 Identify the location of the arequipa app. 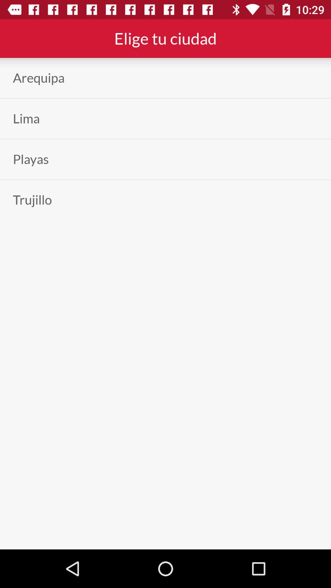
(39, 77).